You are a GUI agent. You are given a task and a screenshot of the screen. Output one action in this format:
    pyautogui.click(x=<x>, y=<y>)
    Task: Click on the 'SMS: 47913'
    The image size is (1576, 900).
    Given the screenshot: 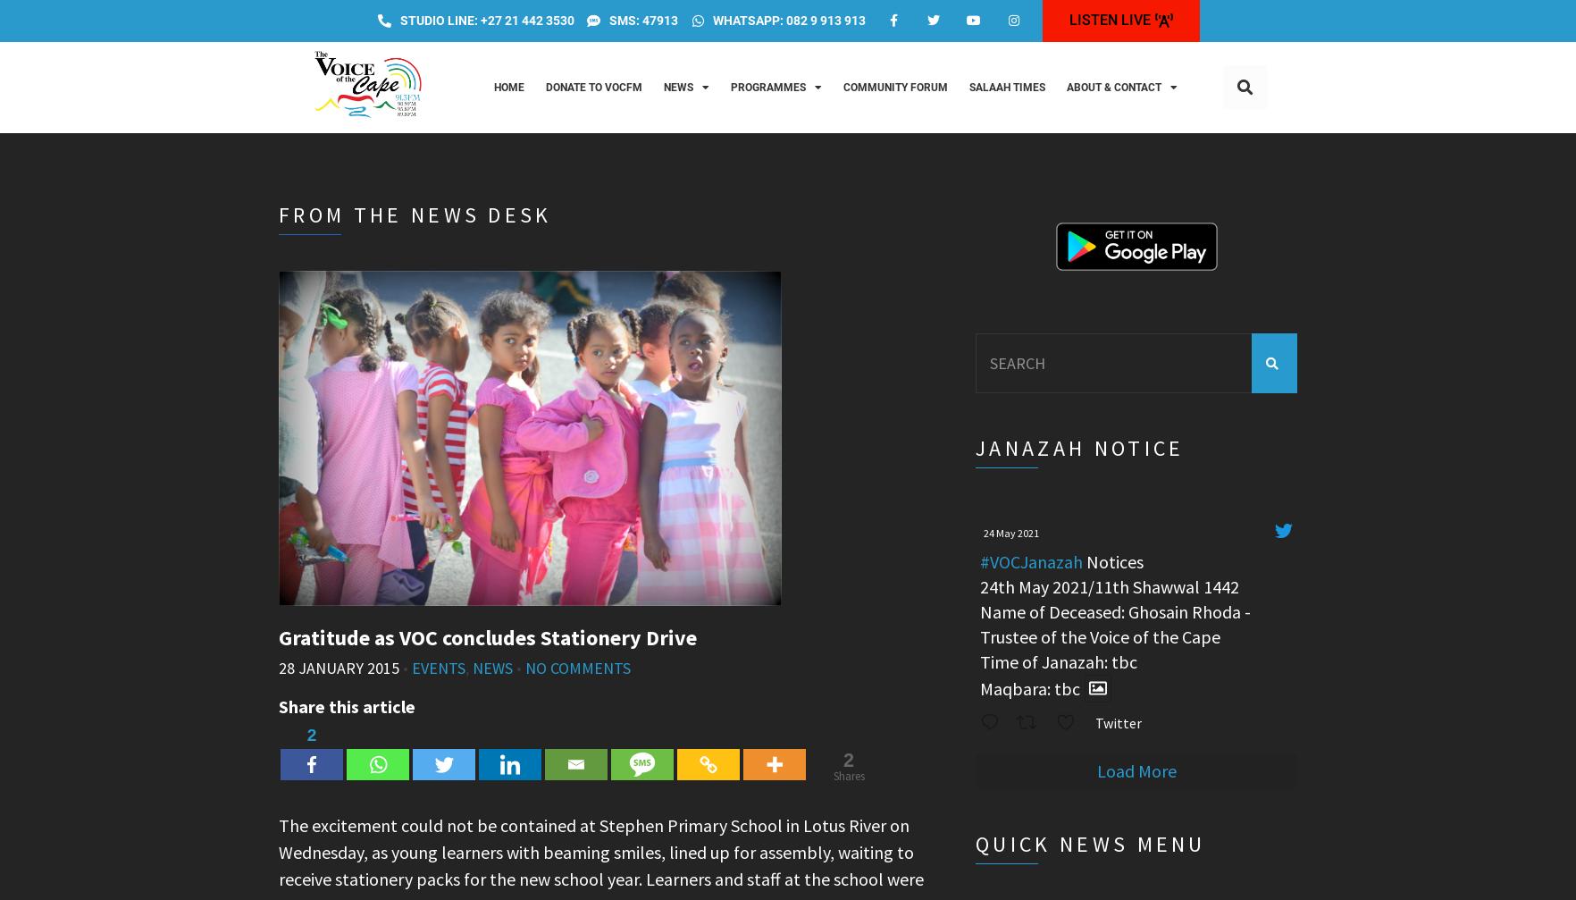 What is the action you would take?
    pyautogui.click(x=643, y=19)
    